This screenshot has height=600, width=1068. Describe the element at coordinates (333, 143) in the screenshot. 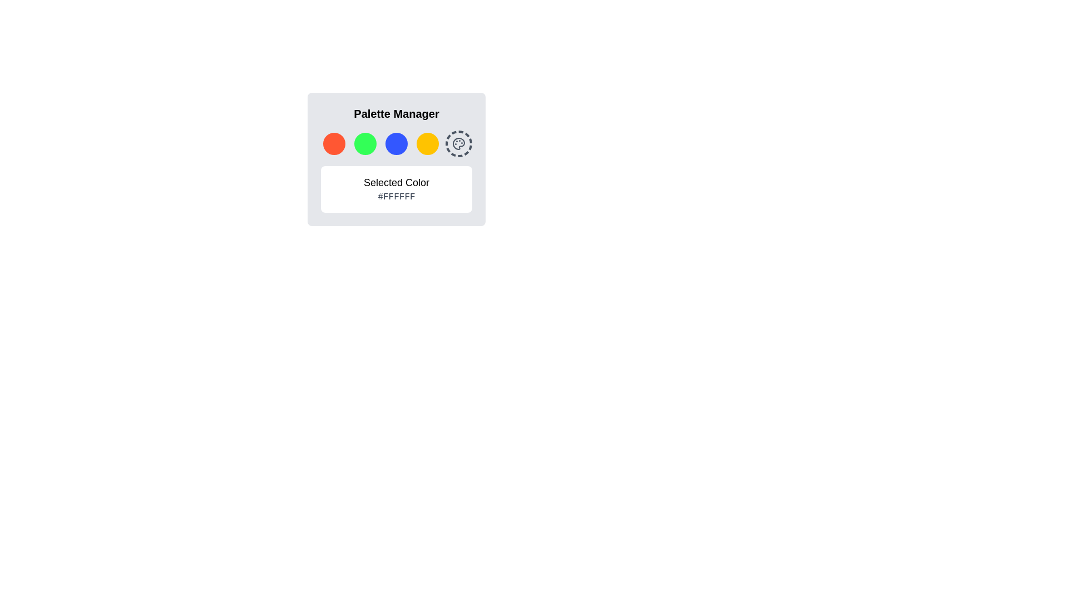

I see `the first red-orange circular button in the Palette Manager` at that location.